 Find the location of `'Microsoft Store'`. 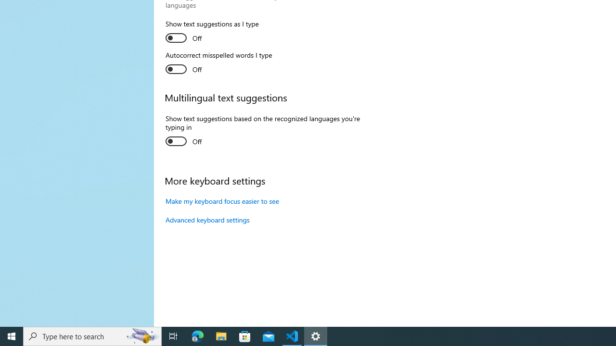

'Microsoft Store' is located at coordinates (245, 335).